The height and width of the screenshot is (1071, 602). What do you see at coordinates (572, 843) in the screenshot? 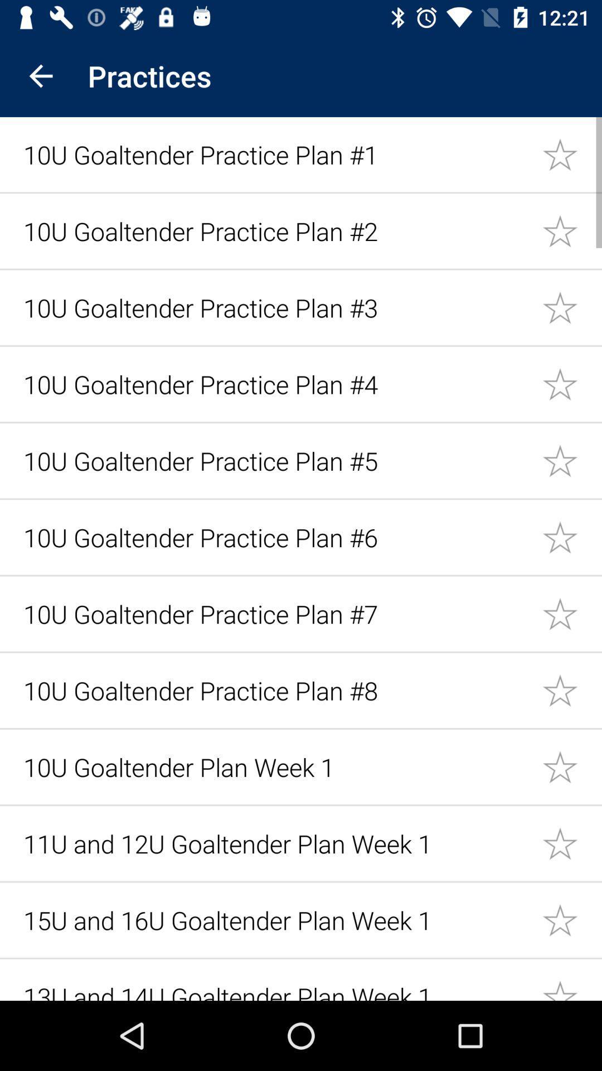
I see `mark as favorite` at bounding box center [572, 843].